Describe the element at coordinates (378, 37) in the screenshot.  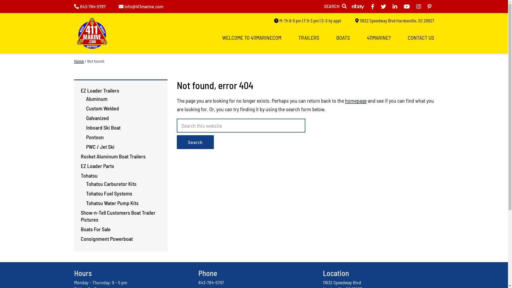
I see `'411MARINE?'` at that location.